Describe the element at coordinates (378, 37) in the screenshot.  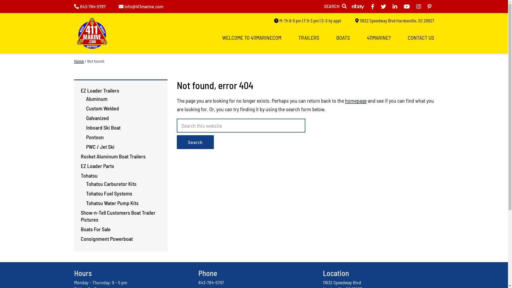
I see `'411MARINE?'` at that location.